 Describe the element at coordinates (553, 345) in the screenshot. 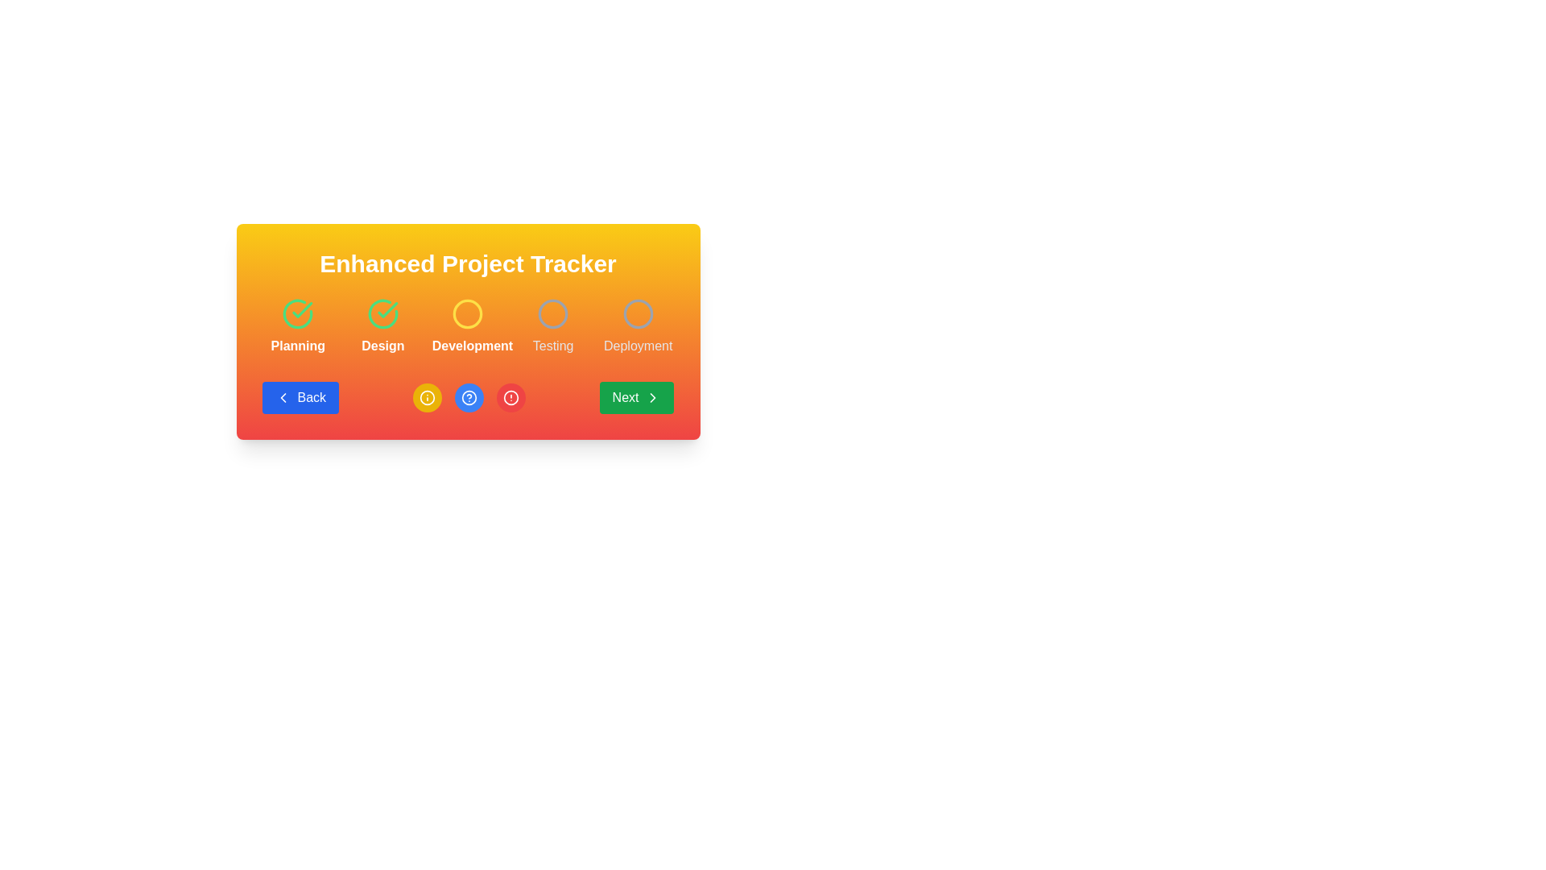

I see `the Text Label displaying 'Testing' which is visually set apart in a darker orange background and is the last of the four textual labels in the sequence of step indicators` at that location.